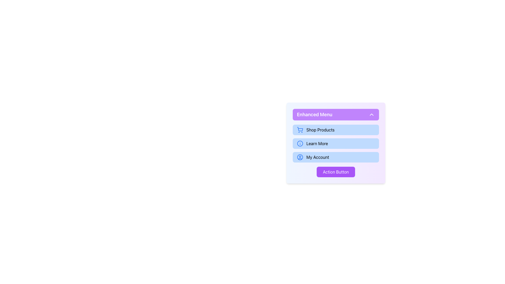 The height and width of the screenshot is (284, 505). What do you see at coordinates (300, 144) in the screenshot?
I see `the icon that indicates the type of information associated with the 'Learn More' button, located to the left of the 'Learn More' text in the second row of the 'Enhanced Menu'` at bounding box center [300, 144].